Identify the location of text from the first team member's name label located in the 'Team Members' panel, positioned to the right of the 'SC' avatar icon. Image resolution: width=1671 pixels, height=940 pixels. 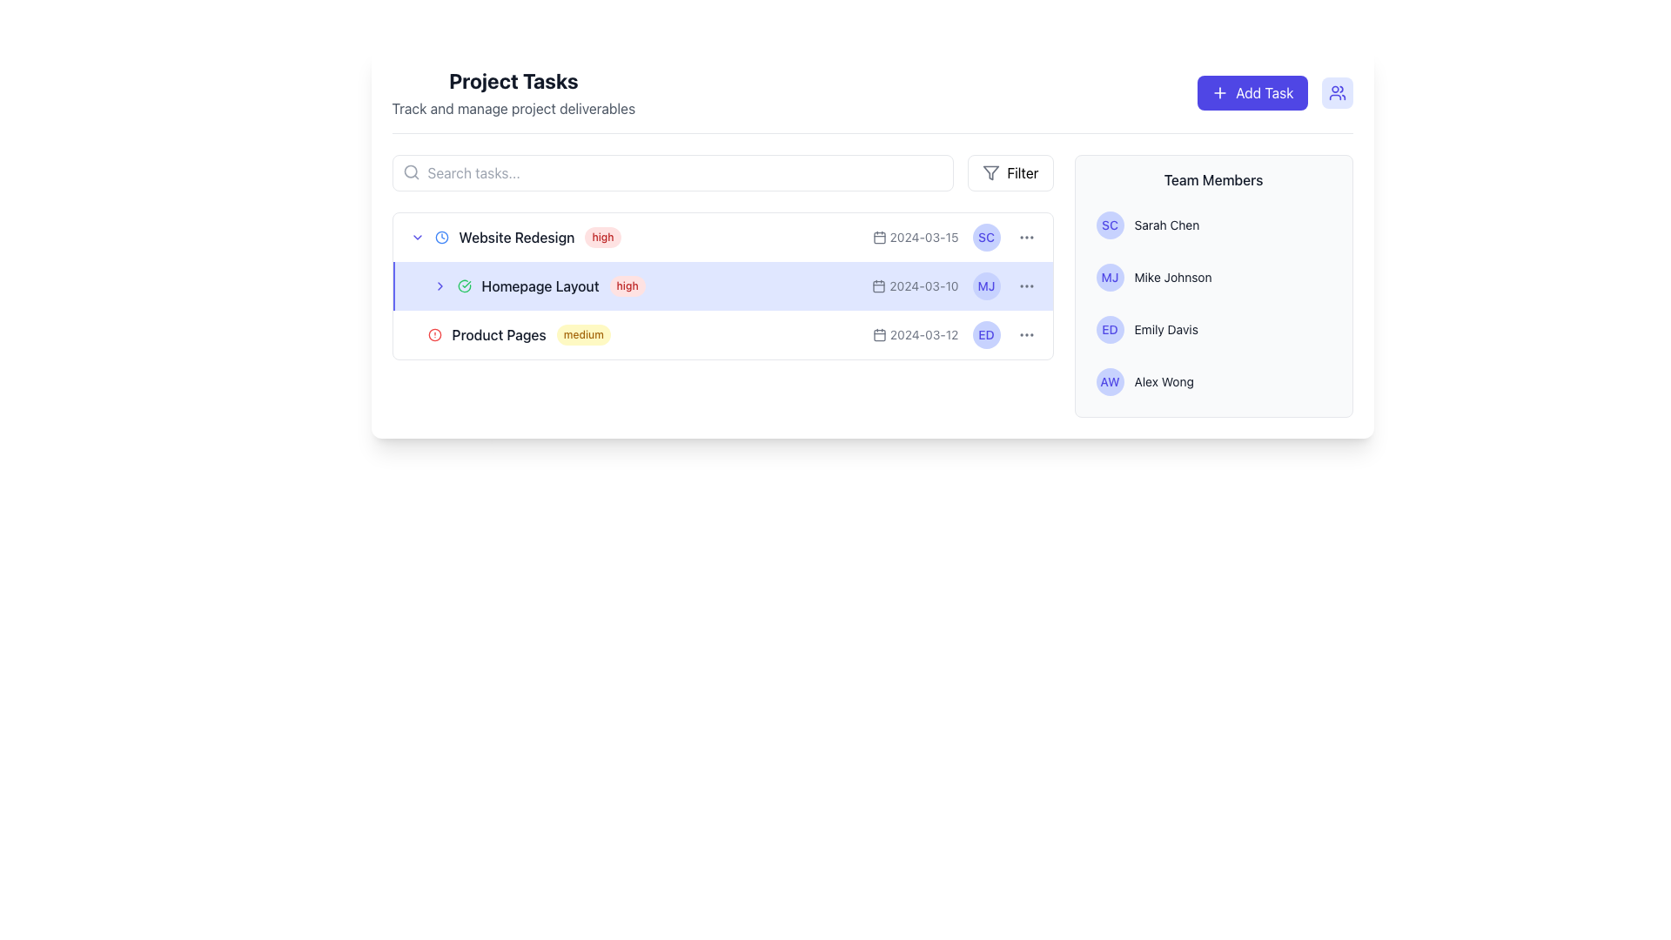
(1166, 224).